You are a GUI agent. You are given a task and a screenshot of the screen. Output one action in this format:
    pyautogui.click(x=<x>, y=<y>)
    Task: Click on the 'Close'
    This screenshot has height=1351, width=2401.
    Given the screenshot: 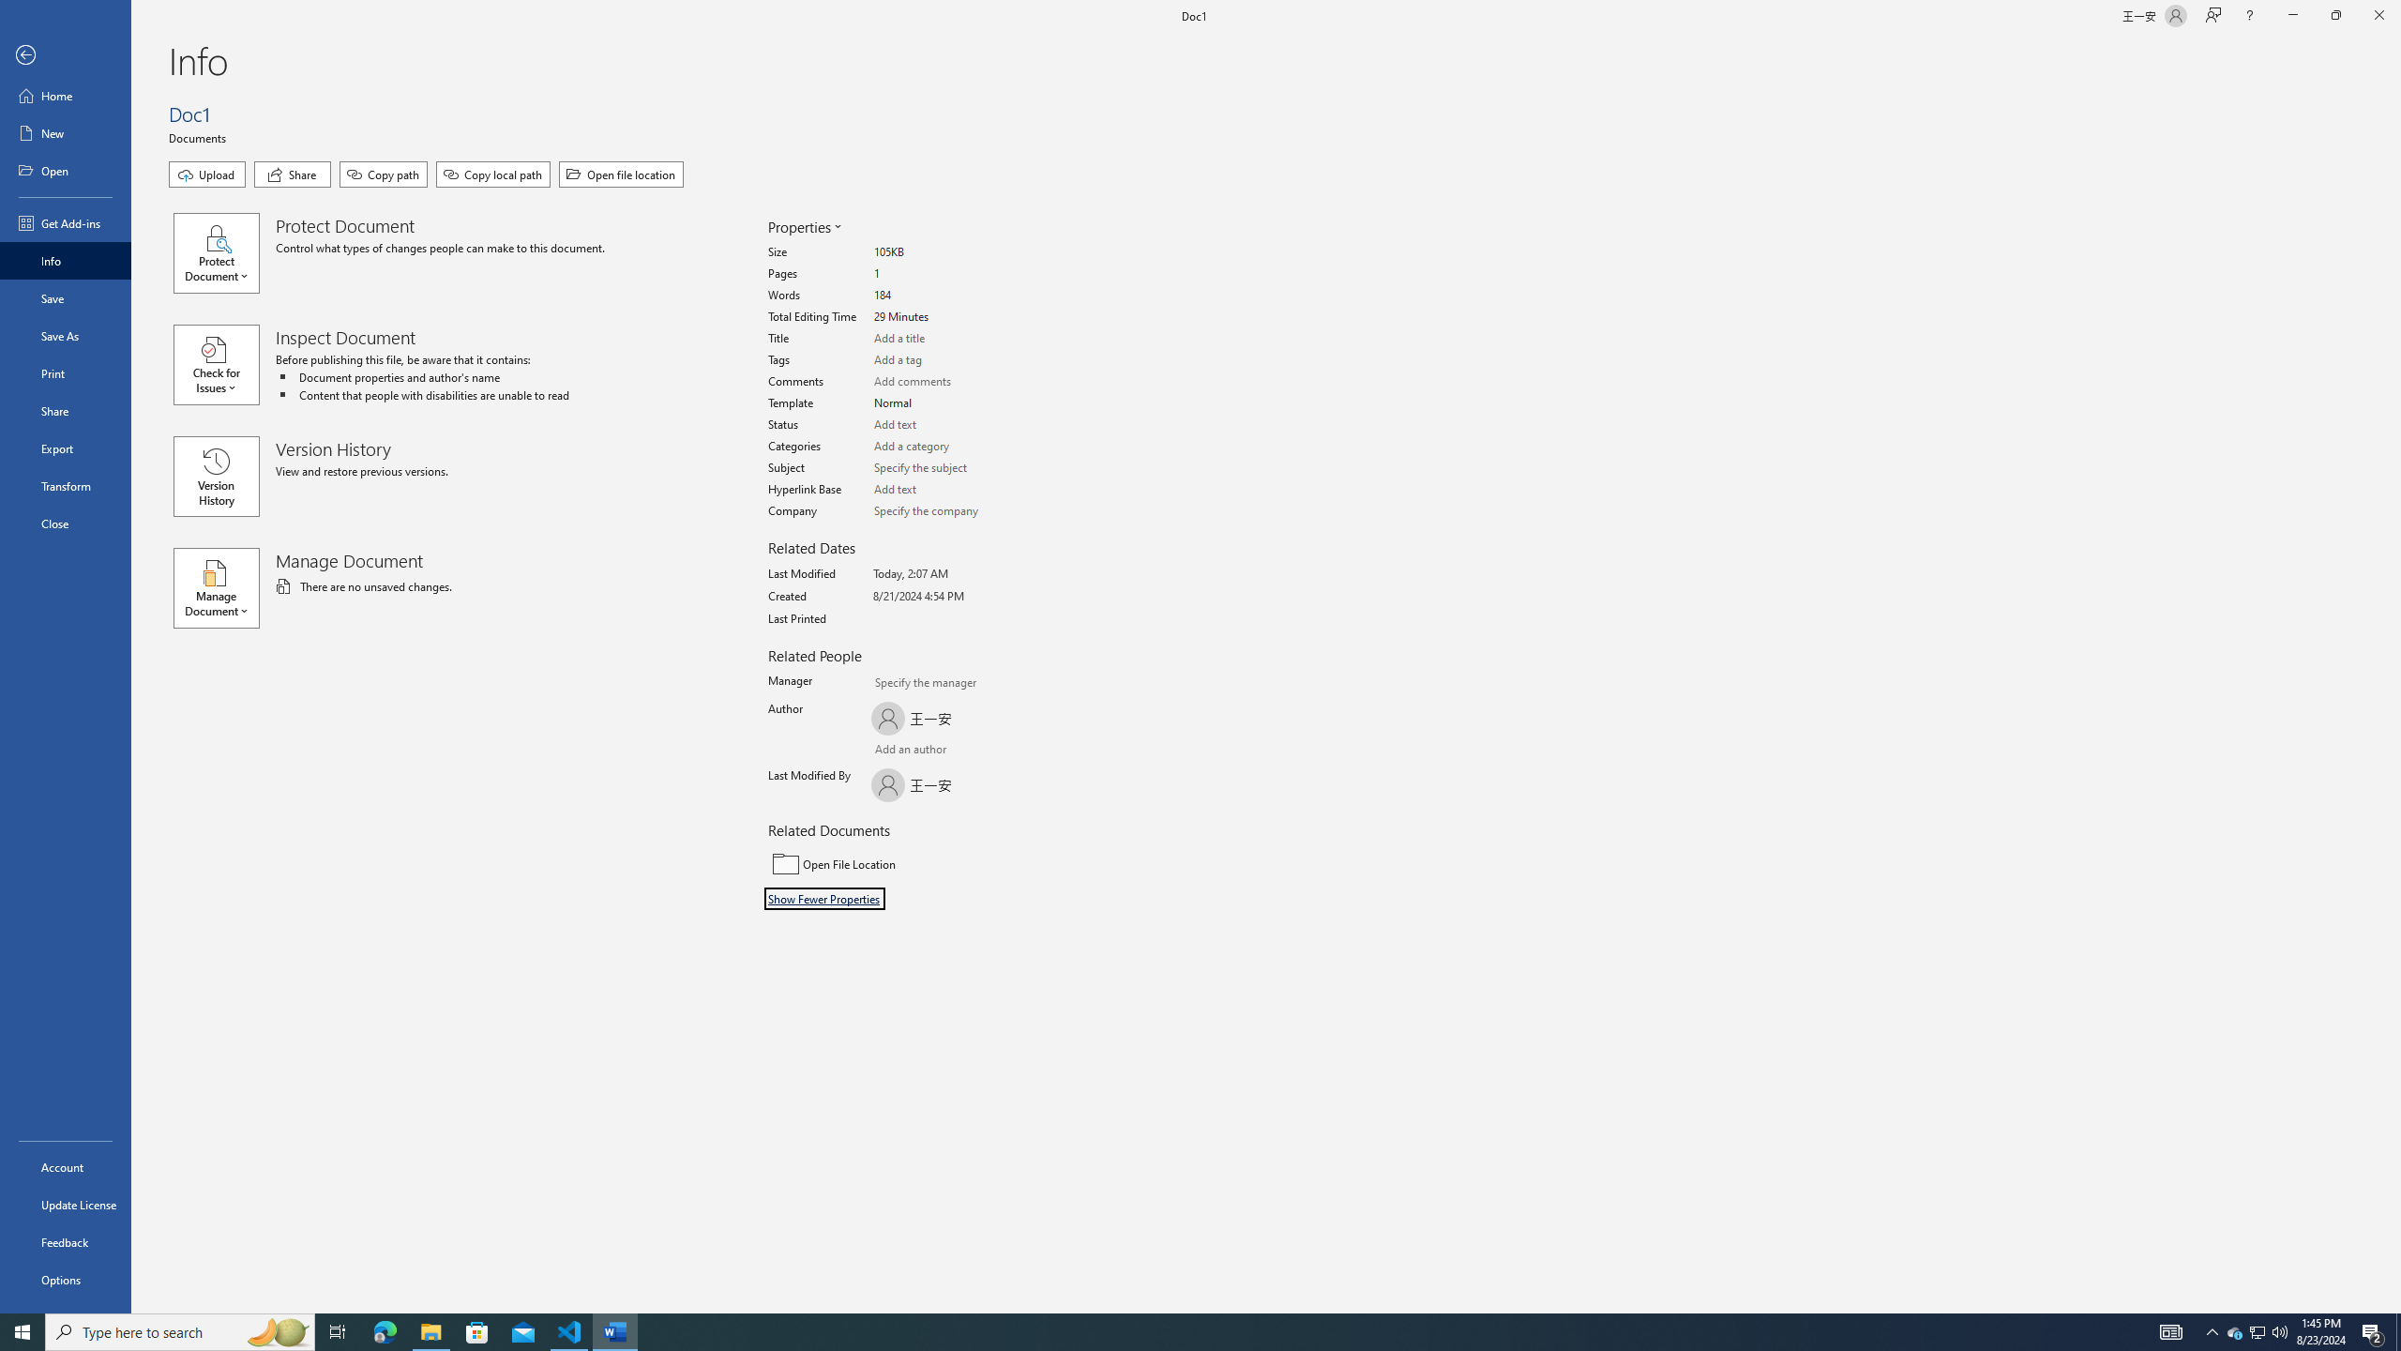 What is the action you would take?
    pyautogui.click(x=65, y=524)
    